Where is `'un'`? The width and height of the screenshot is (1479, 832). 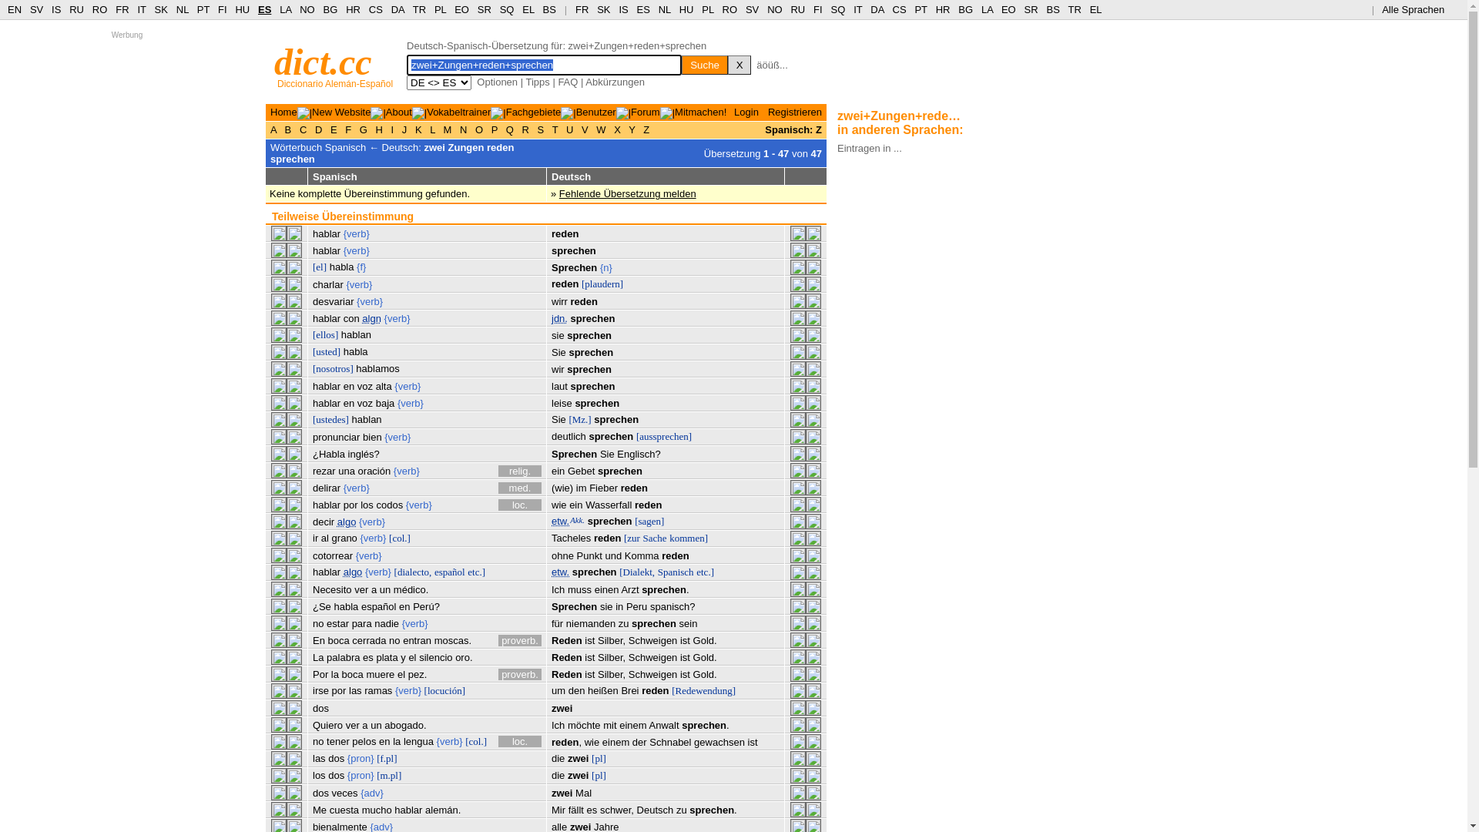 'un' is located at coordinates (376, 725).